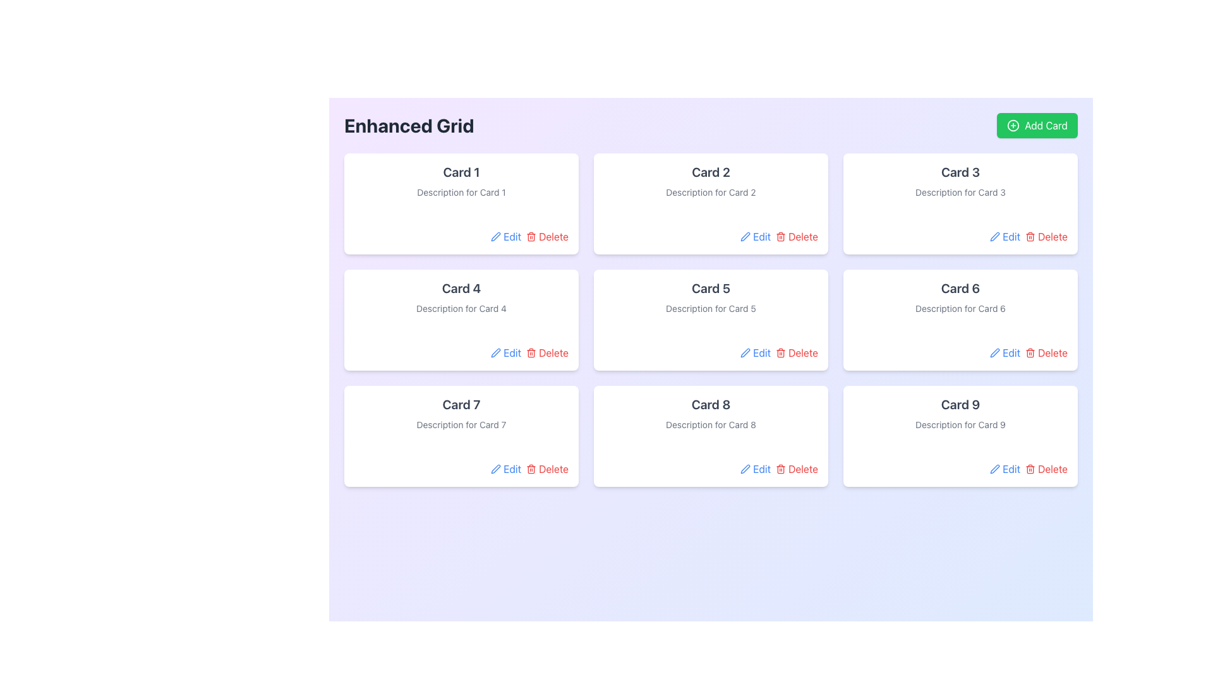 Image resolution: width=1213 pixels, height=682 pixels. Describe the element at coordinates (711, 424) in the screenshot. I see `Text label providing descriptive information beneath the header 'Card 8' in the third row, center column of the grid layout` at that location.